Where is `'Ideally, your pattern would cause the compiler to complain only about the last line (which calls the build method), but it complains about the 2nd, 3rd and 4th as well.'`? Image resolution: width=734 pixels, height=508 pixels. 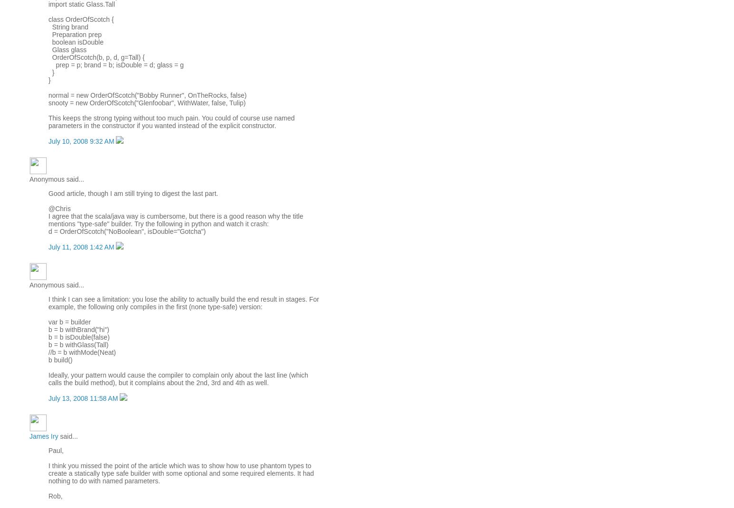
'Ideally, your pattern would cause the compiler to complain only about the last line (which calls the build method), but it complains about the 2nd, 3rd and 4th as well.' is located at coordinates (177, 378).